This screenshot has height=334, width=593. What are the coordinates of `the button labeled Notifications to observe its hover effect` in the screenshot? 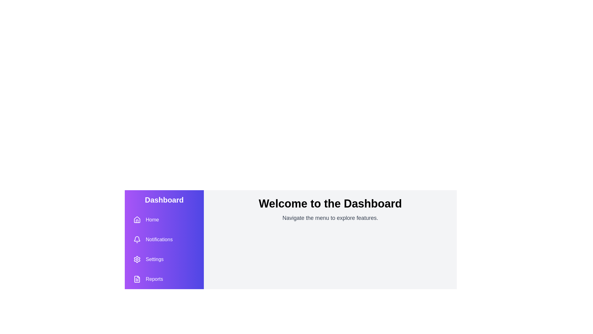 It's located at (153, 239).